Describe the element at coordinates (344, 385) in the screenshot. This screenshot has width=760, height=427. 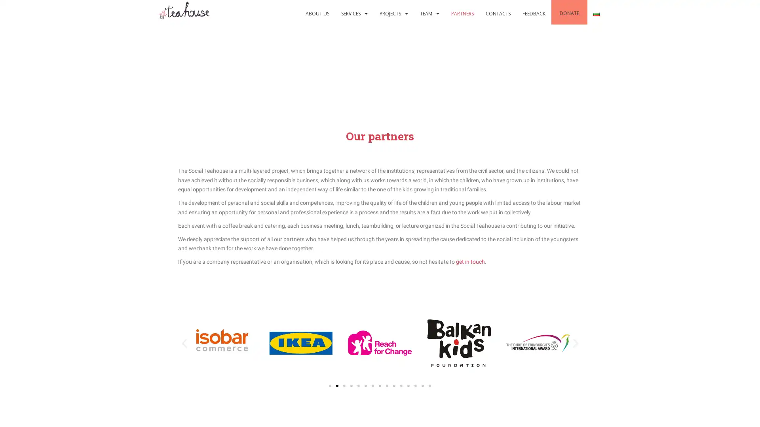
I see `Go to slide 3` at that location.